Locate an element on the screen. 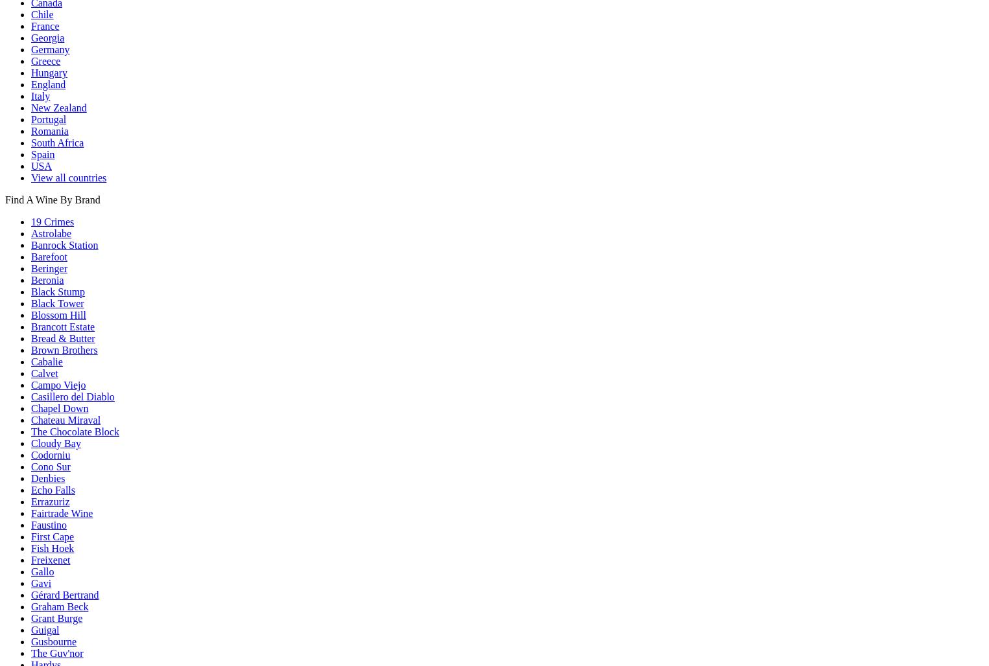 This screenshot has width=989, height=666. 'Codorniu' is located at coordinates (50, 454).